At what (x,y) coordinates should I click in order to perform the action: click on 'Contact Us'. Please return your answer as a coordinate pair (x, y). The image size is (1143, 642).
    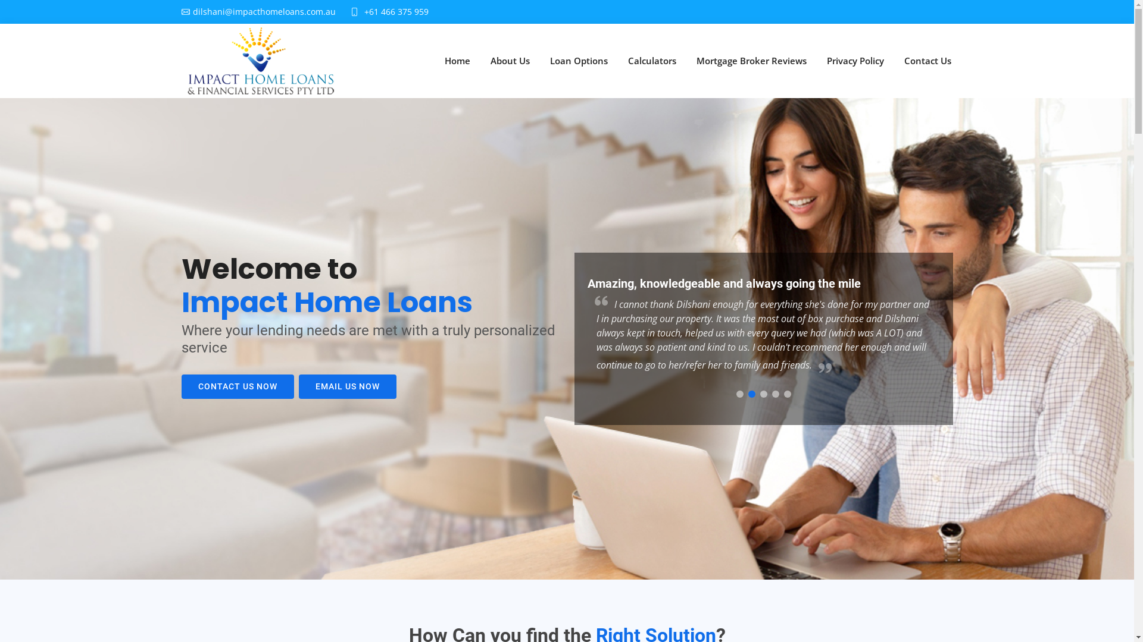
    Looking at the image, I should click on (927, 61).